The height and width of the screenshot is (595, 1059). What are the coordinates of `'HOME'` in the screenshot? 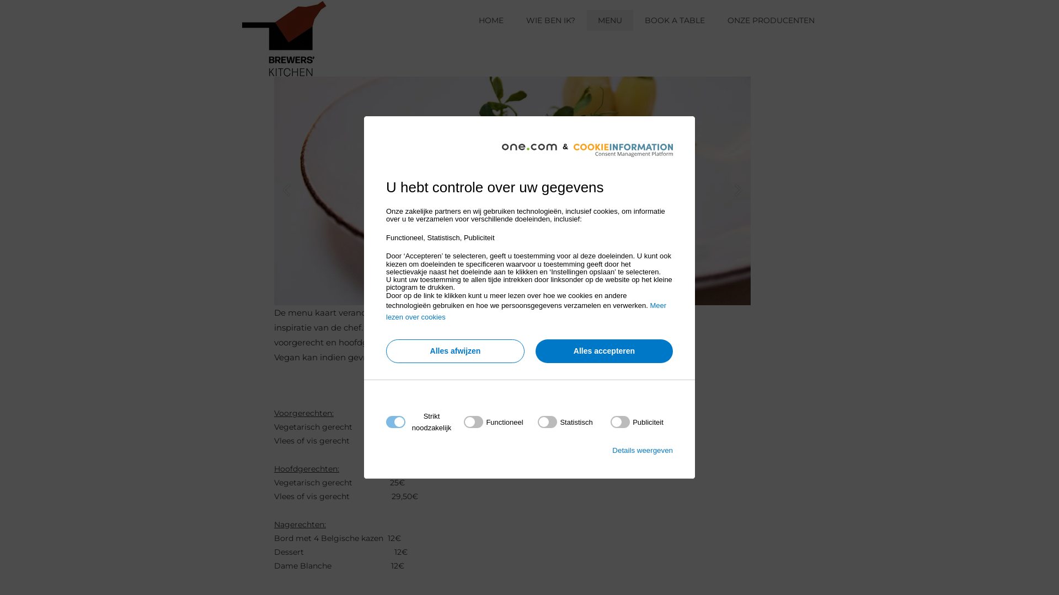 It's located at (468, 20).